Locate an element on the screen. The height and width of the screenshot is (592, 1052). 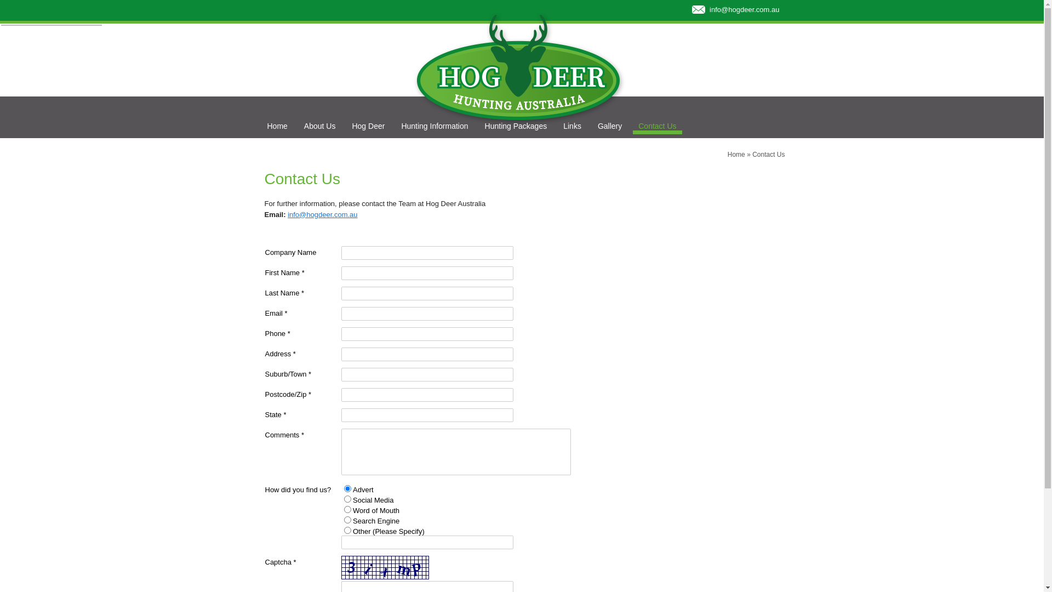
'Contact Us' is located at coordinates (768, 154).